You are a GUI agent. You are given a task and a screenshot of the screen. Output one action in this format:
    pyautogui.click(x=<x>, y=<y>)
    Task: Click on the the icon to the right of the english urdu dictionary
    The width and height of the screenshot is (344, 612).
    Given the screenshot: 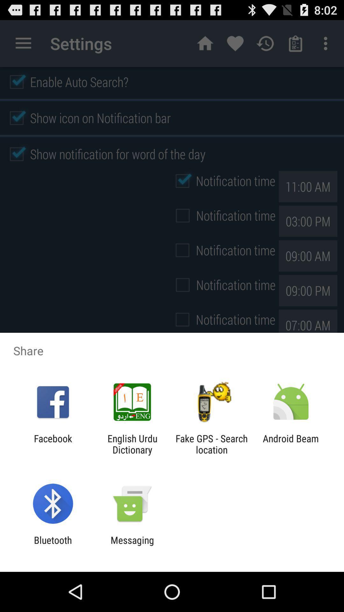 What is the action you would take?
    pyautogui.click(x=211, y=444)
    